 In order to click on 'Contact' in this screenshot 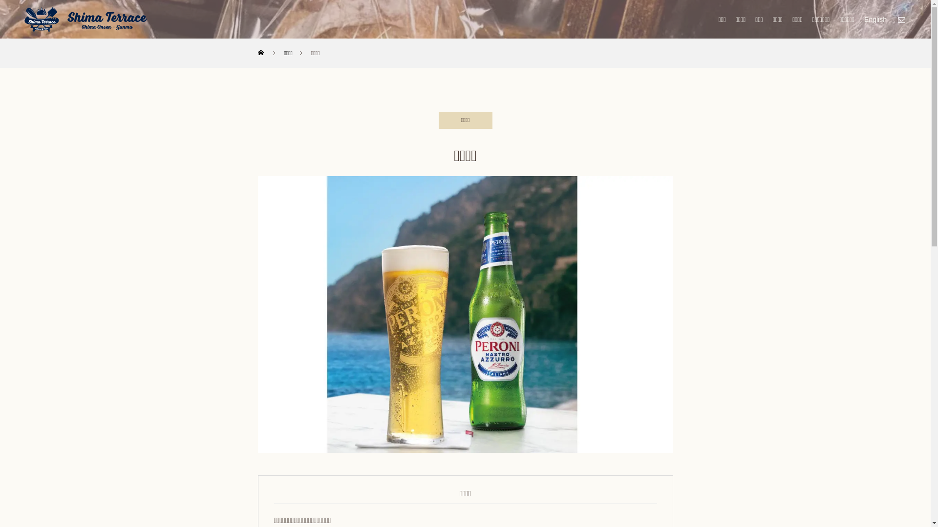, I will do `click(900, 19)`.